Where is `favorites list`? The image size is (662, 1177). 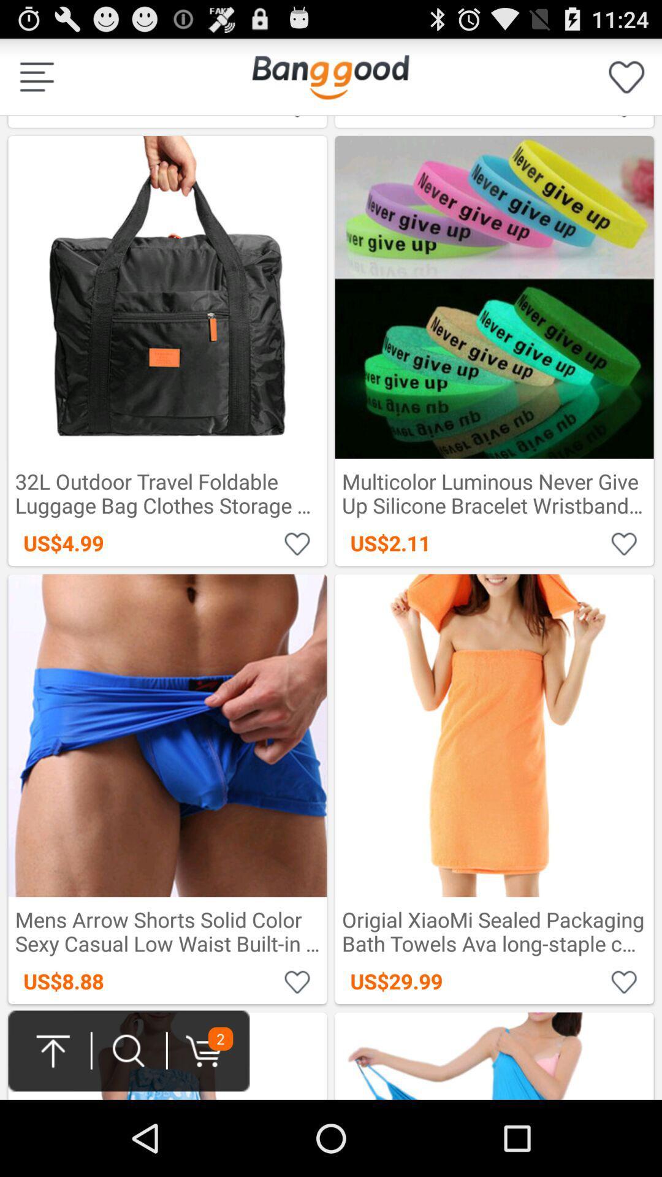 favorites list is located at coordinates (626, 76).